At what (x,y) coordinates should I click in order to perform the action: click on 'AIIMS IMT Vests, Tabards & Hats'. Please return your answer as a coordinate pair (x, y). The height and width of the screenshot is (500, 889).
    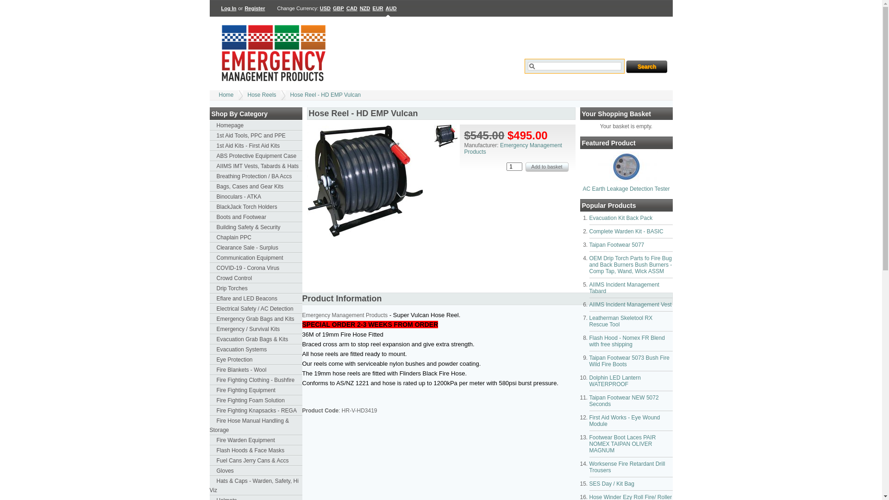
    Looking at the image, I should click on (256, 165).